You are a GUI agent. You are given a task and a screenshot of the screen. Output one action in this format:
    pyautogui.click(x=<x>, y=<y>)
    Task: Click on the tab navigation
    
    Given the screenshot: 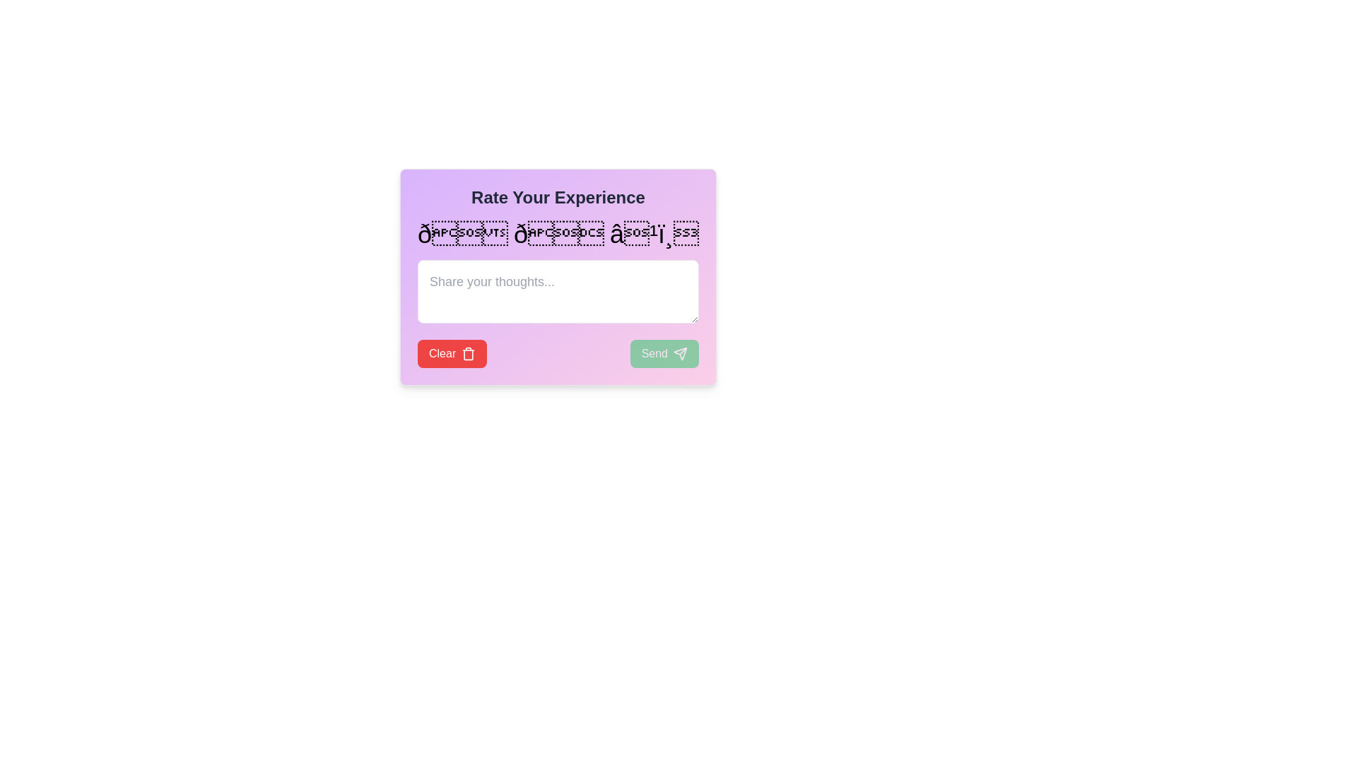 What is the action you would take?
    pyautogui.click(x=462, y=233)
    